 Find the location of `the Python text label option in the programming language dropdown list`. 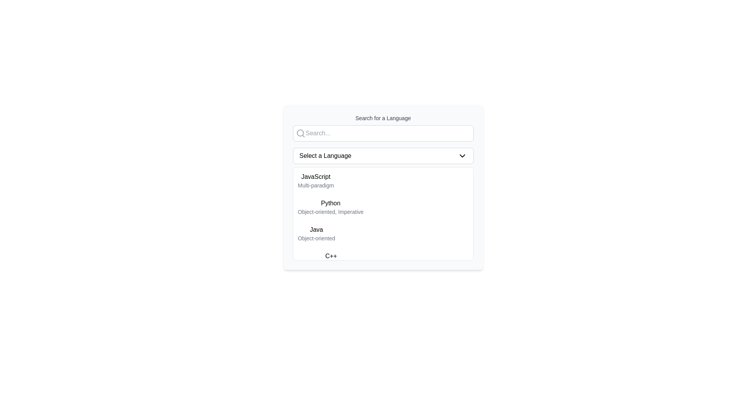

the Python text label option in the programming language dropdown list is located at coordinates (331, 203).